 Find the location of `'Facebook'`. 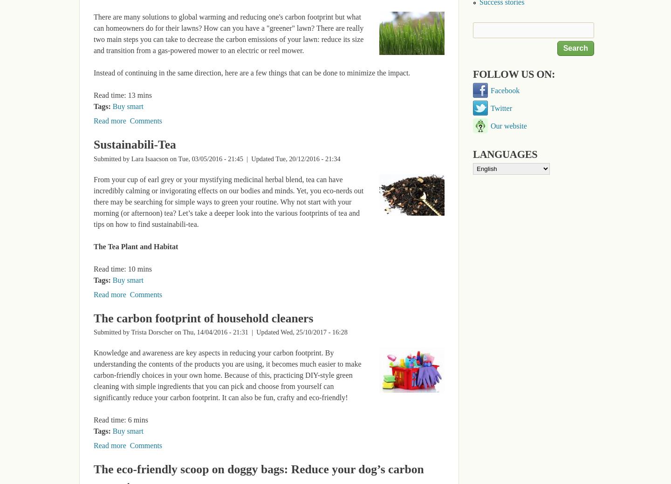

'Facebook' is located at coordinates (490, 90).